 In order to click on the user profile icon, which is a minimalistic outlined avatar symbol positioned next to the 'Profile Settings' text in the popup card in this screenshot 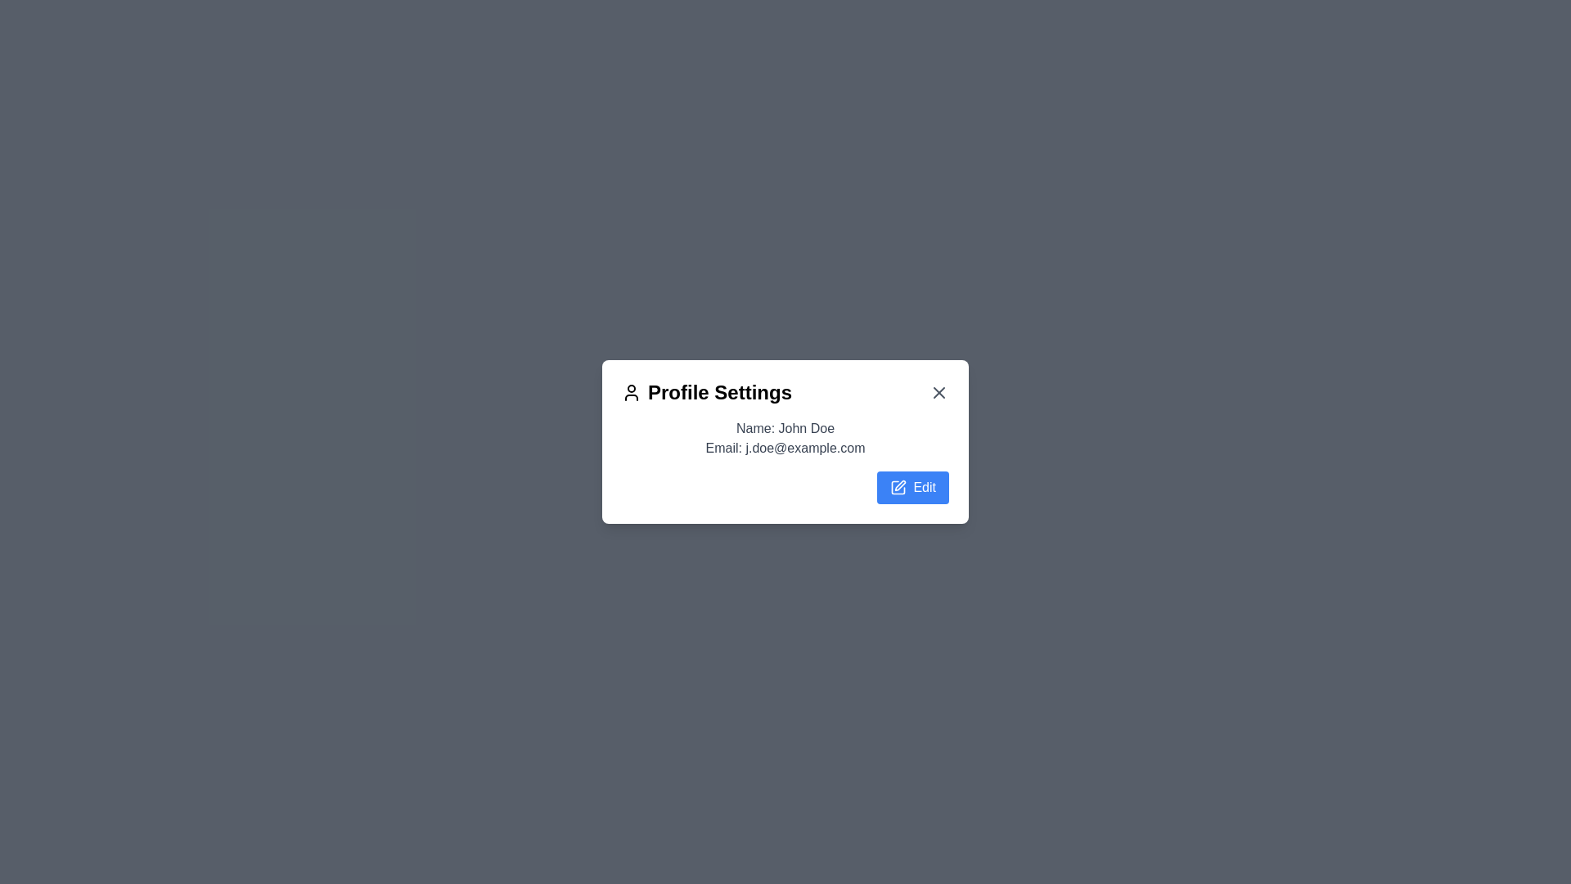, I will do `click(631, 392)`.